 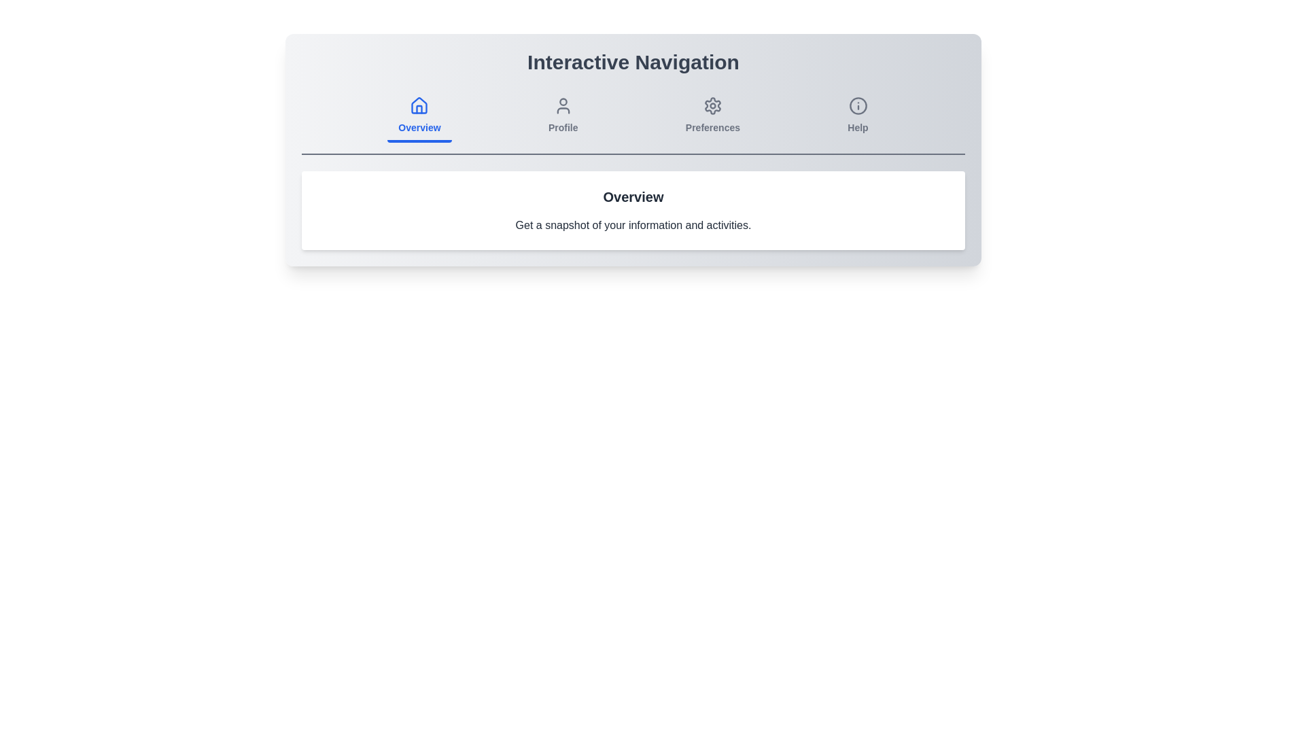 I want to click on the tab labeled Profile to inspect its content and layout, so click(x=563, y=116).